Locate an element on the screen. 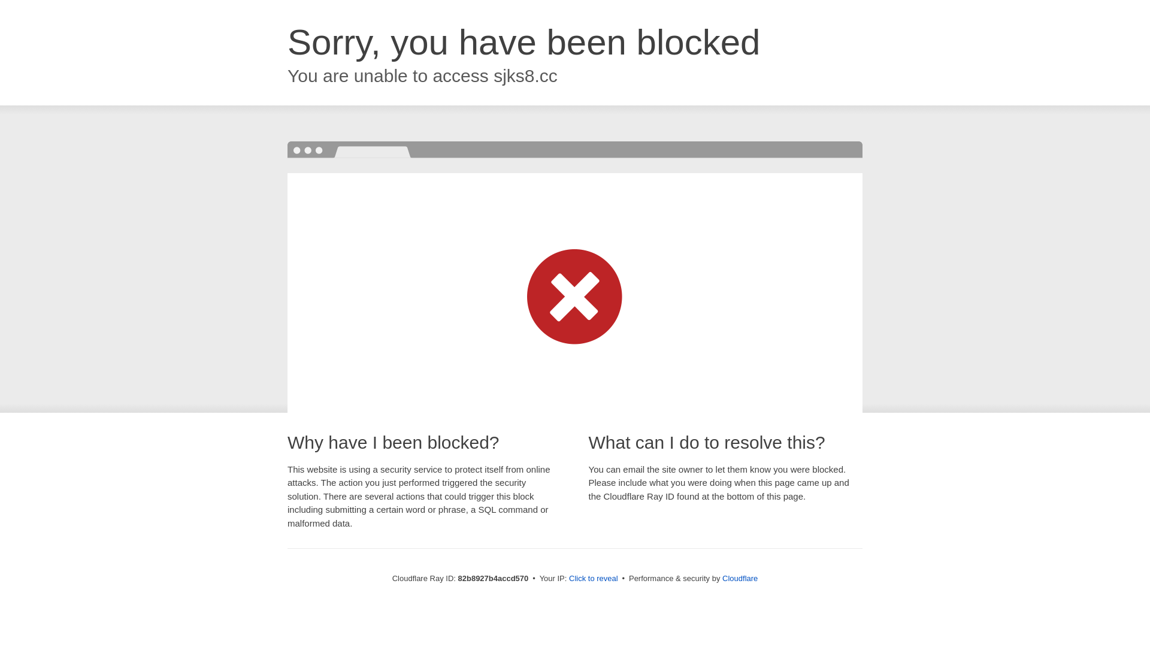 This screenshot has width=1150, height=647. 'Click to reveal' is located at coordinates (593, 578).